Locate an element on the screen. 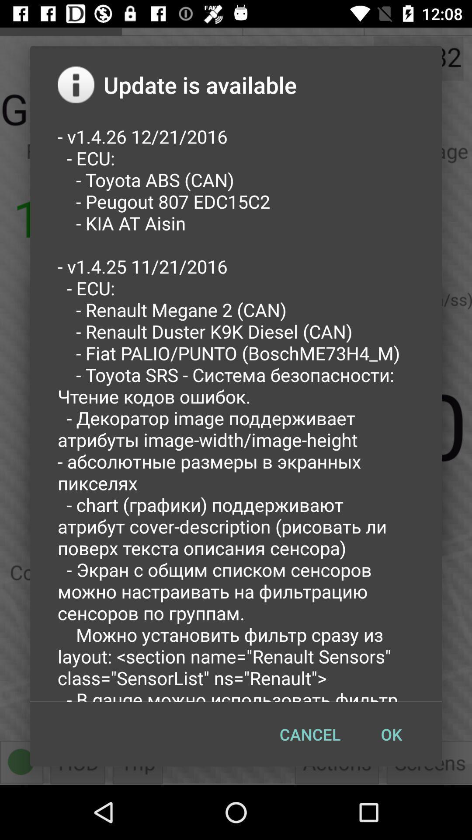 The height and width of the screenshot is (840, 472). icon next to ok is located at coordinates (309, 734).